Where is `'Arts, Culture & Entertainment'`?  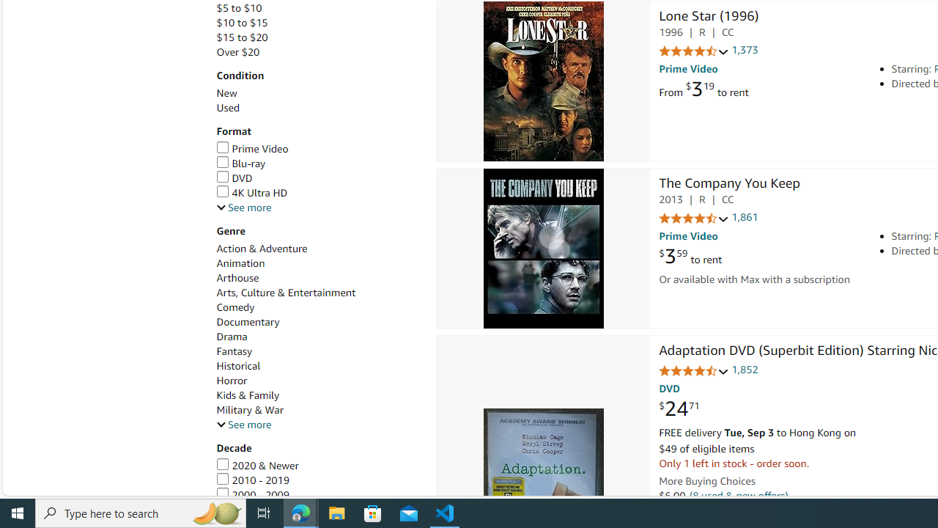
'Arts, Culture & Entertainment' is located at coordinates (286, 293).